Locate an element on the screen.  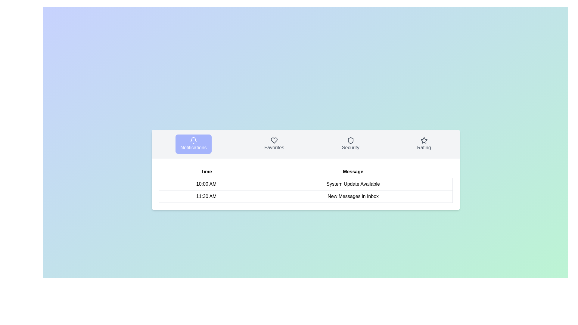
the text label 'Security' which is styled in gray font and located in the menu bar section between 'Favorites' and 'Rating' is located at coordinates (350, 147).